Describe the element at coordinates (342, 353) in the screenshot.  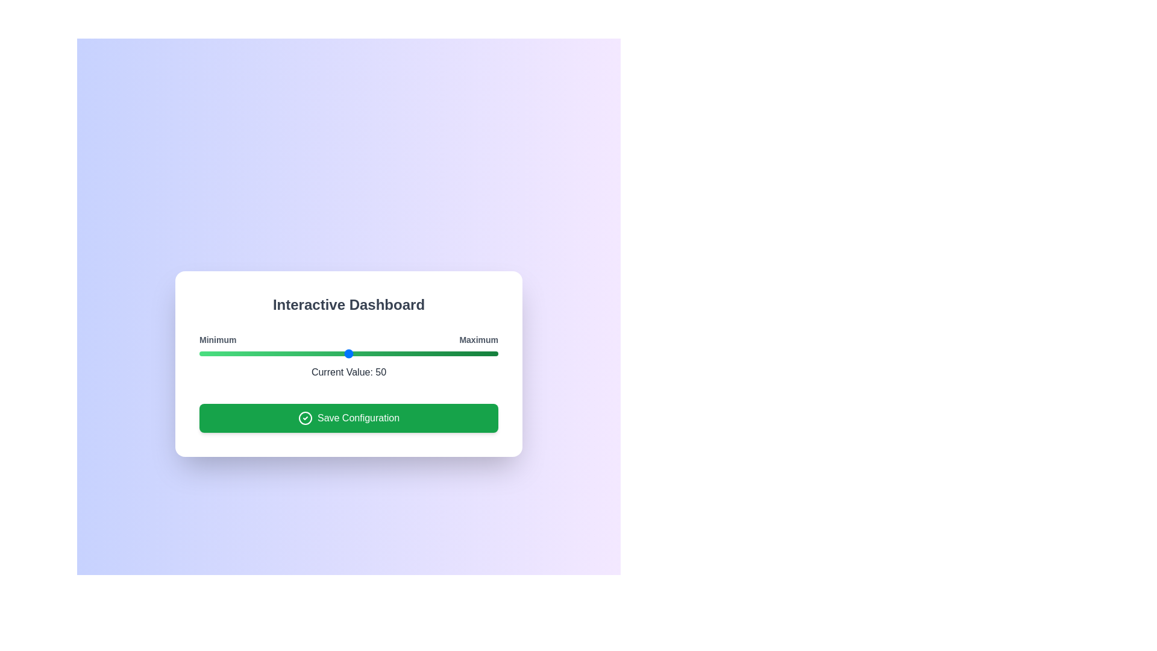
I see `the slider to set its value to 48` at that location.